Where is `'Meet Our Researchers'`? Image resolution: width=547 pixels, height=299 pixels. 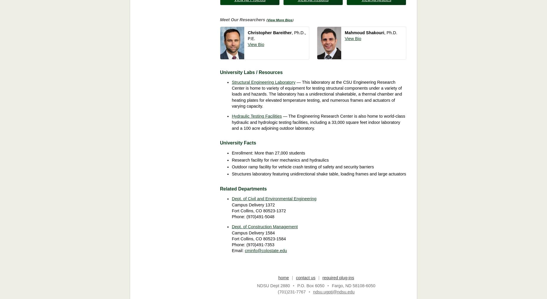
'Meet Our Researchers' is located at coordinates (219, 19).